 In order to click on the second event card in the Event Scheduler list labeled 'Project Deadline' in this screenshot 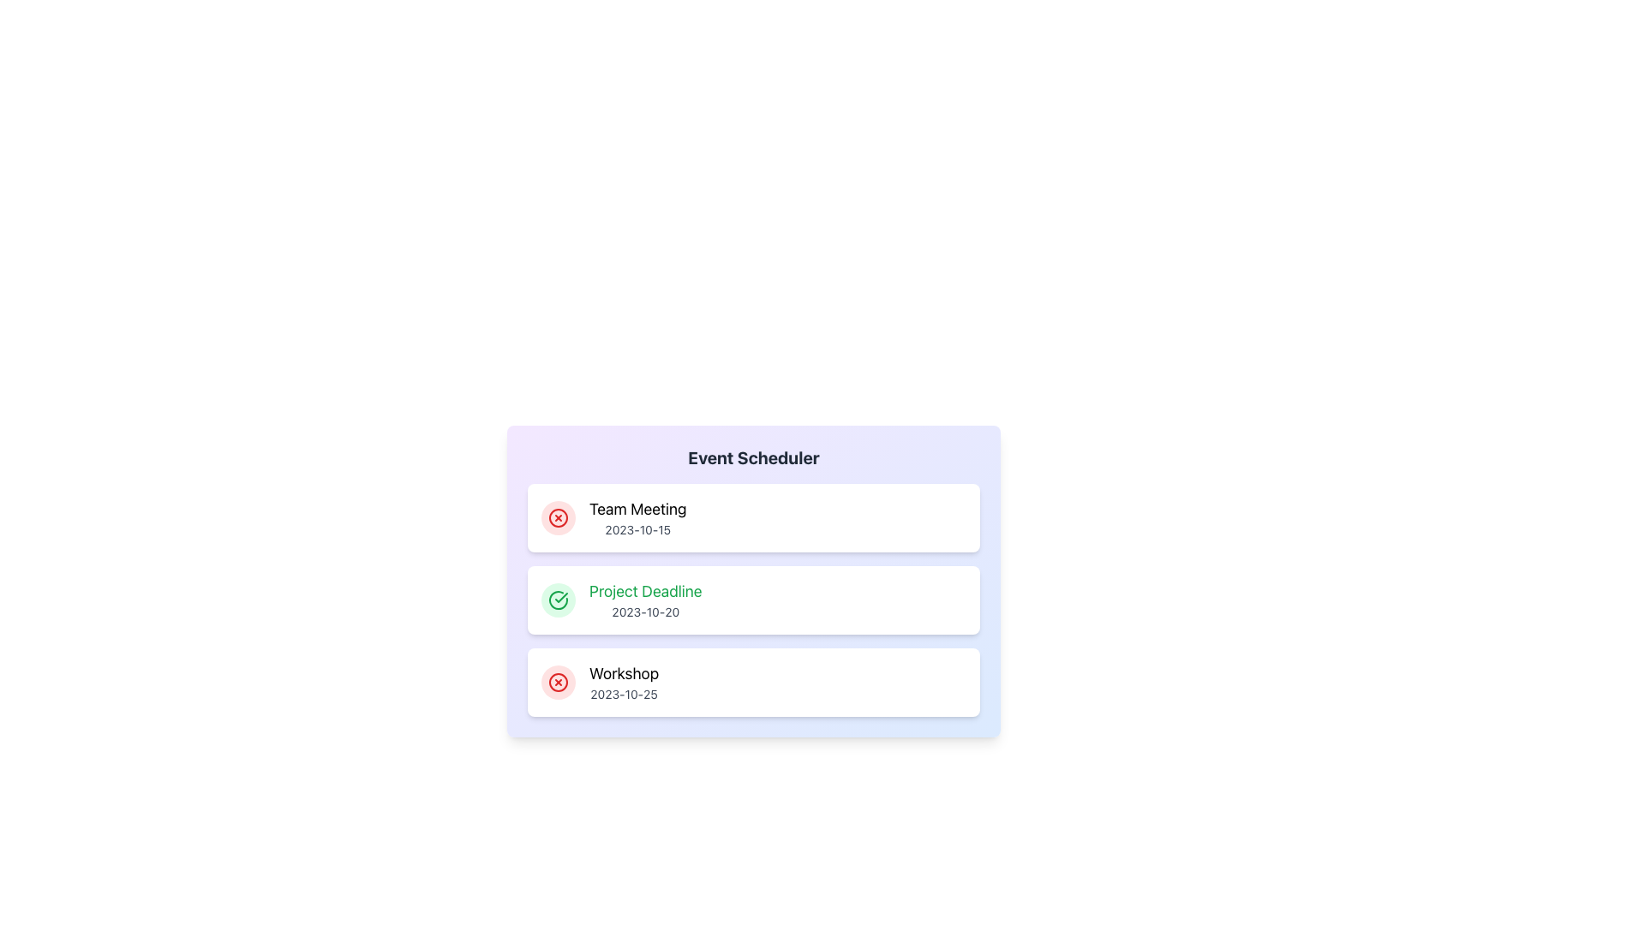, I will do `click(753, 600)`.